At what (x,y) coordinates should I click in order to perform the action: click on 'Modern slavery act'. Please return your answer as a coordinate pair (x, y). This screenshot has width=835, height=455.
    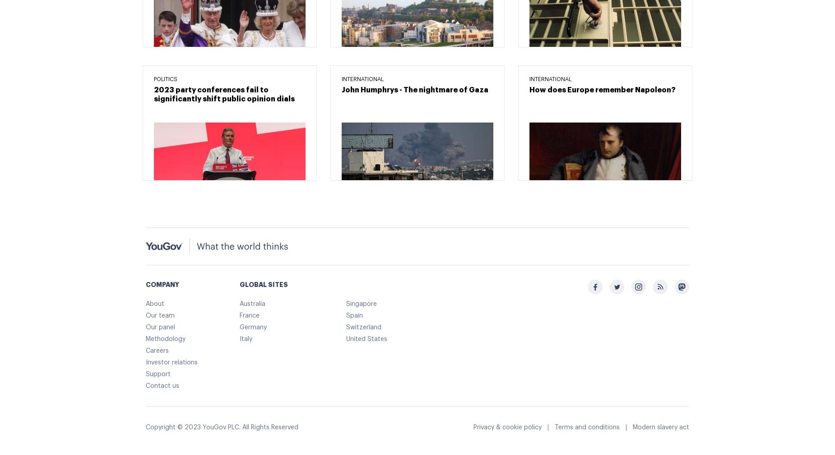
    Looking at the image, I should click on (661, 427).